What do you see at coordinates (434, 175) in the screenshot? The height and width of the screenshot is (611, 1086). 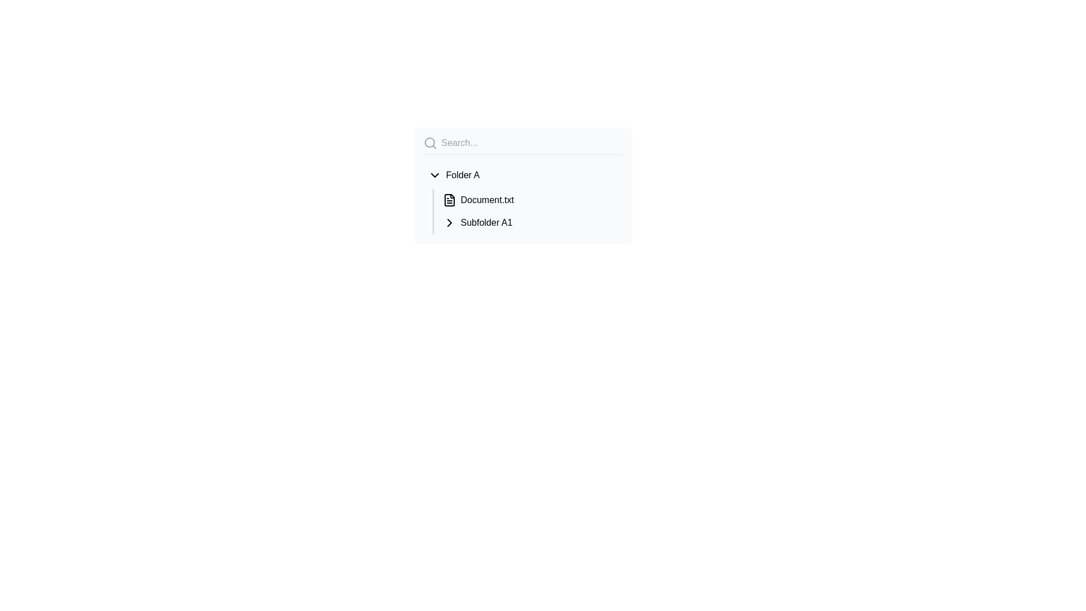 I see `the downward-facing chevron icon located to the left of the 'Folder A' text` at bounding box center [434, 175].